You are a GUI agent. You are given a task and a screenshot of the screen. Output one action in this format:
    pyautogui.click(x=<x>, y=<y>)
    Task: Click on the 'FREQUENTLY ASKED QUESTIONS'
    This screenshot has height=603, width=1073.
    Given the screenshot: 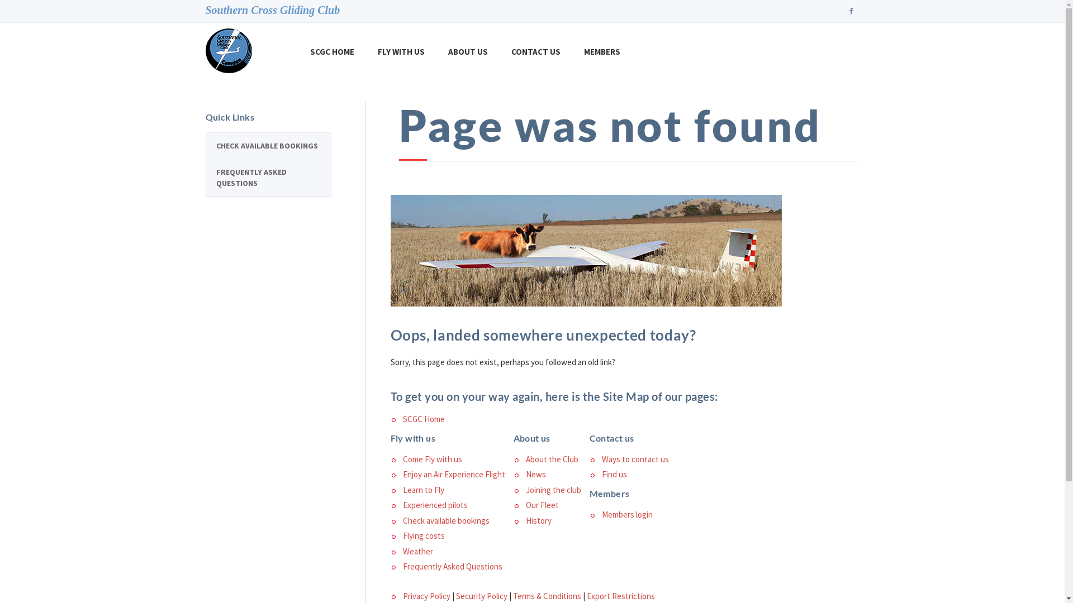 What is the action you would take?
    pyautogui.click(x=267, y=176)
    